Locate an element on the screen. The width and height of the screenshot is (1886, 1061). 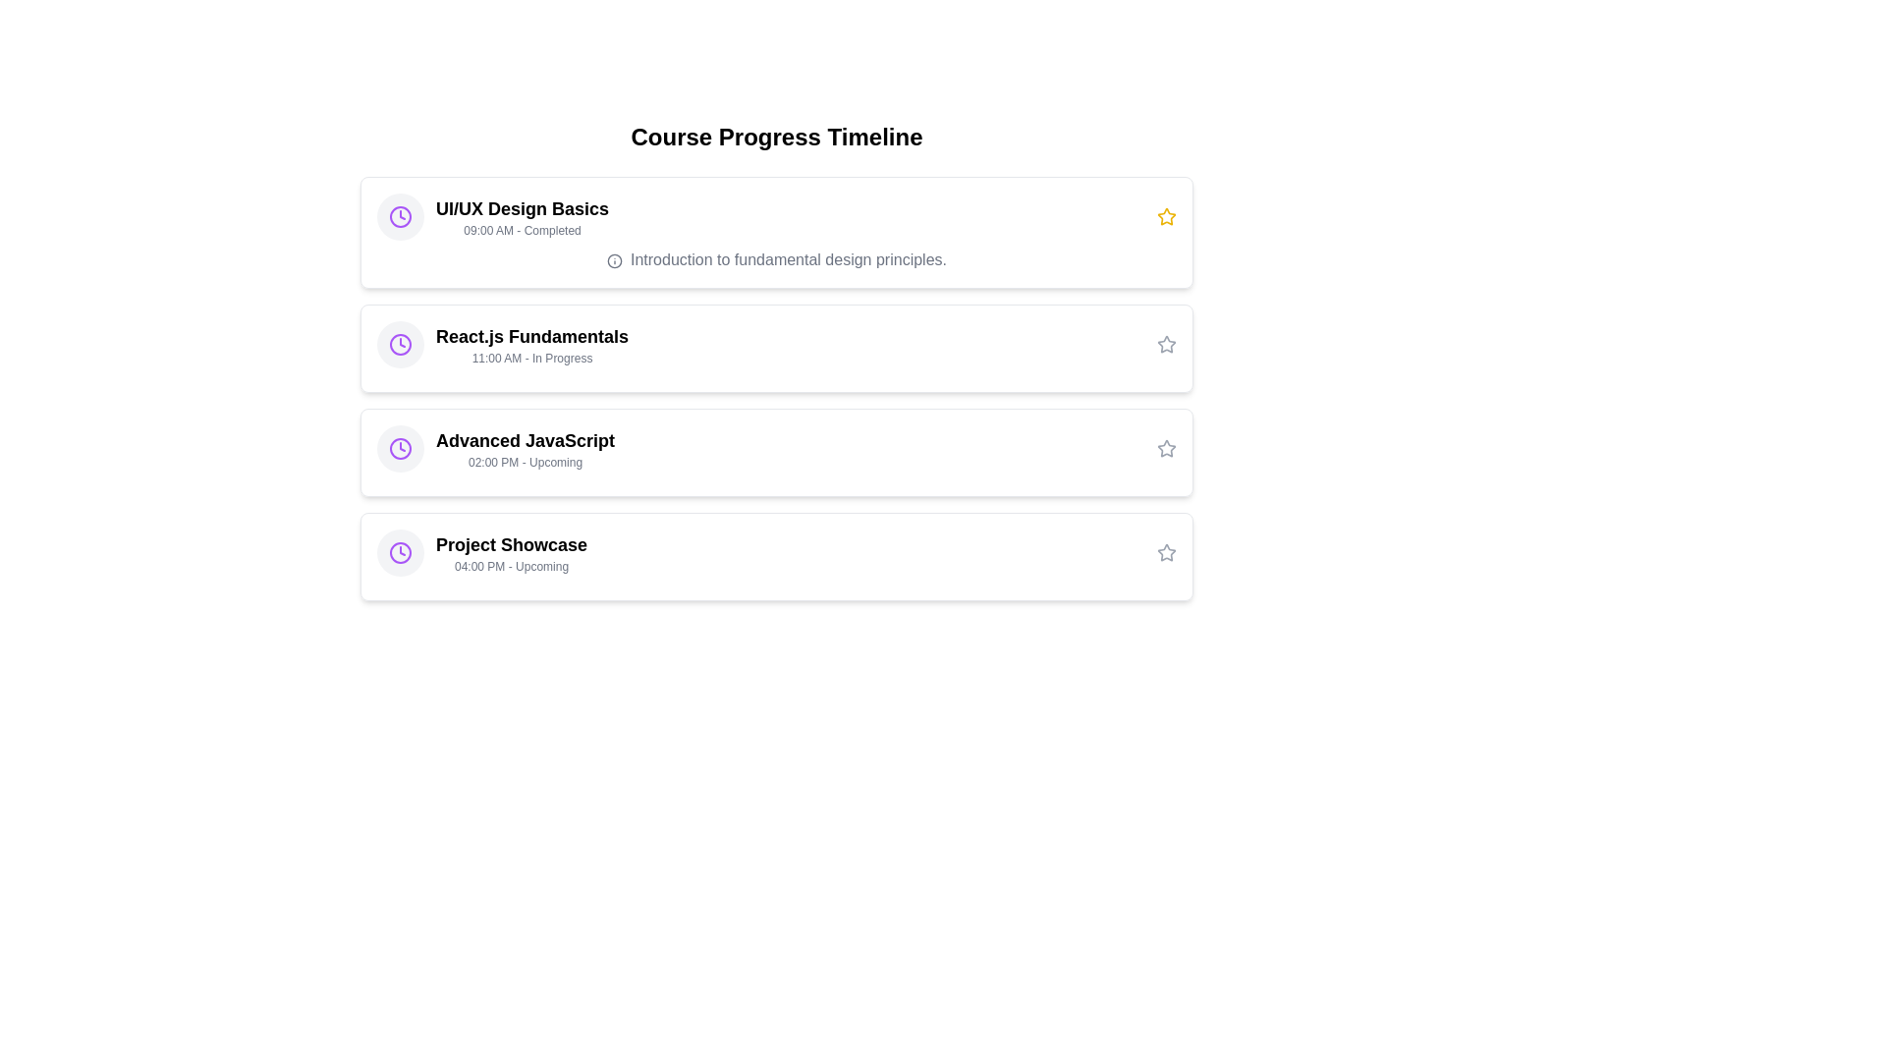
the circular clock icon with a purple outline and white background, which is positioned to the left of the 'React.js Fundamentals' list element is located at coordinates (400, 216).